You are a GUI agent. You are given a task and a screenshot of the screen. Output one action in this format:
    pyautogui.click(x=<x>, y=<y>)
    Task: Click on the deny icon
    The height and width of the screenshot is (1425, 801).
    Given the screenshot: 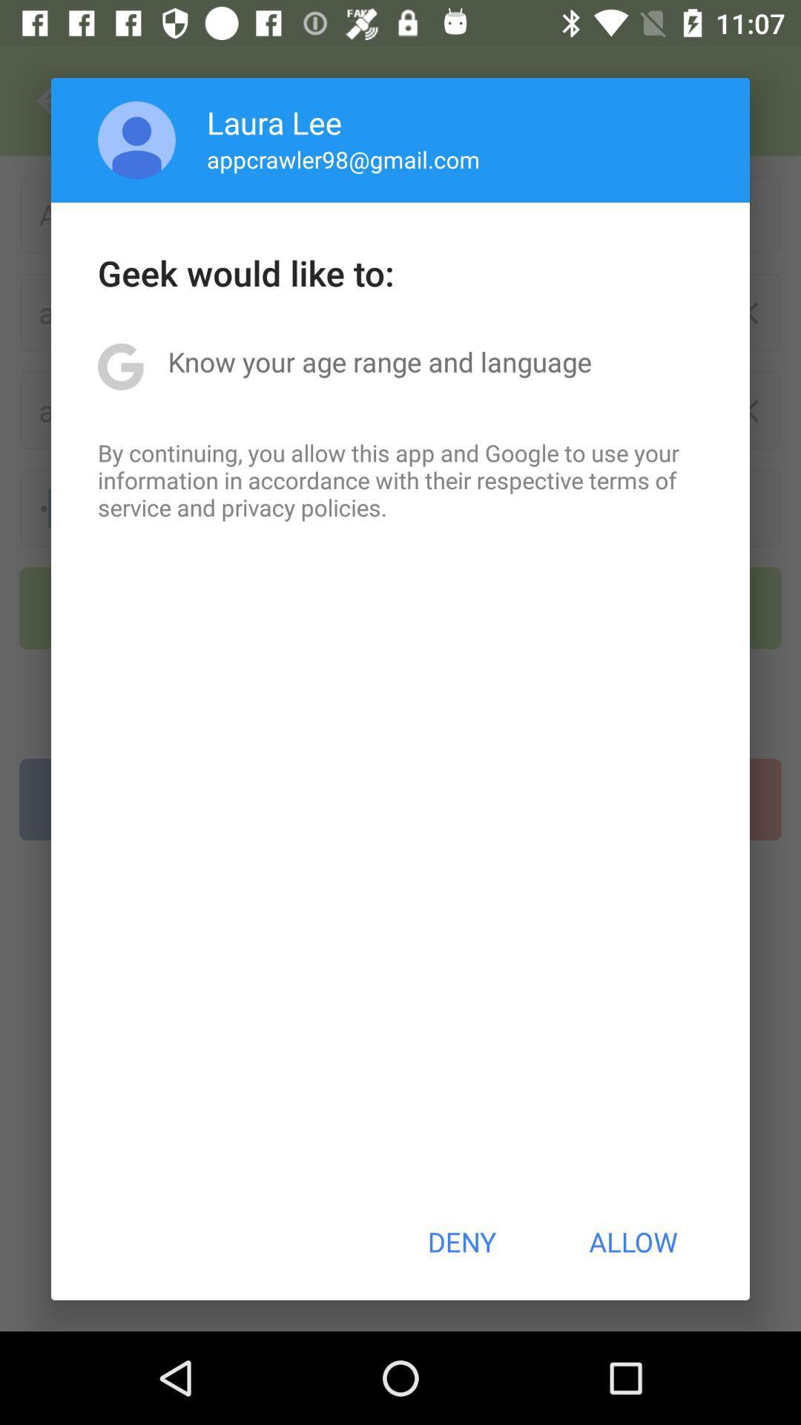 What is the action you would take?
    pyautogui.click(x=461, y=1242)
    